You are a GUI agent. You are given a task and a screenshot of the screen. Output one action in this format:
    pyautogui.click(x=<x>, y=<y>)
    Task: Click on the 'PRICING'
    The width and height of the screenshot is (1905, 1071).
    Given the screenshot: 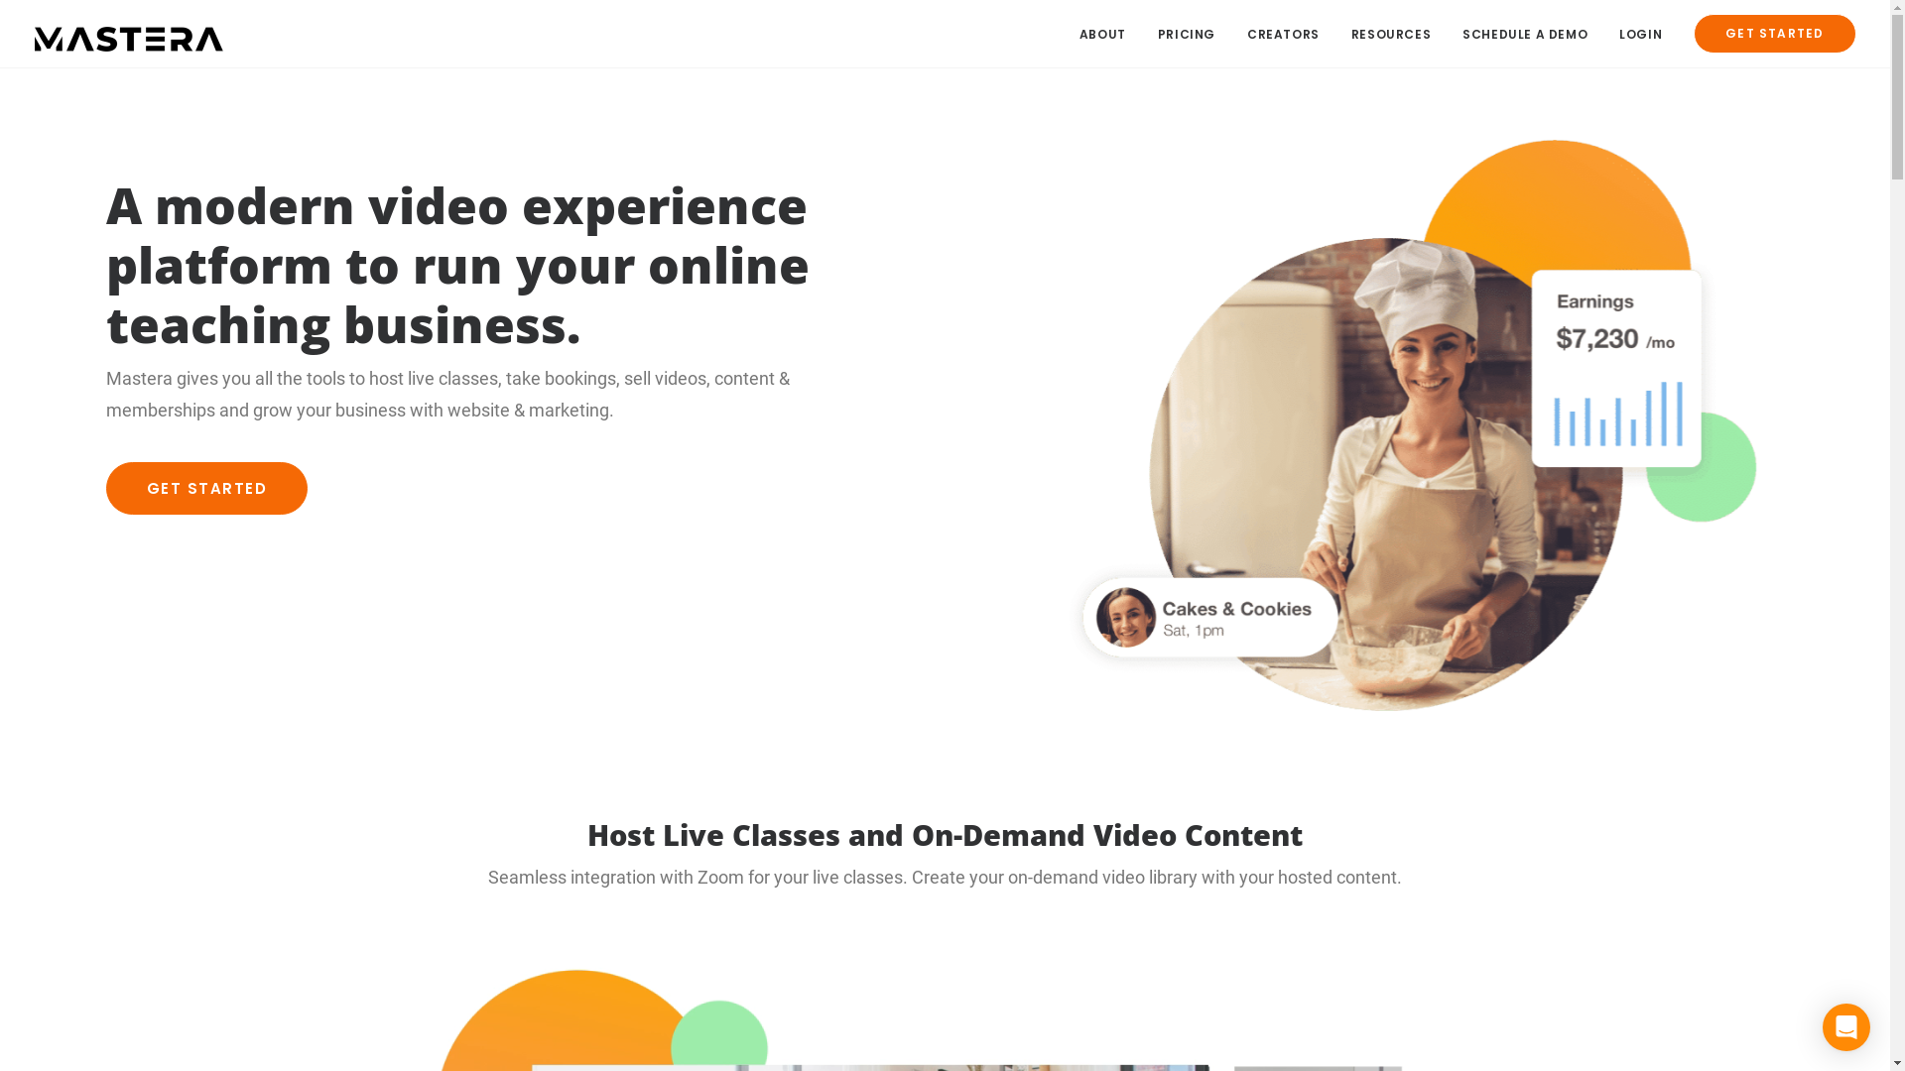 What is the action you would take?
    pyautogui.click(x=1186, y=34)
    